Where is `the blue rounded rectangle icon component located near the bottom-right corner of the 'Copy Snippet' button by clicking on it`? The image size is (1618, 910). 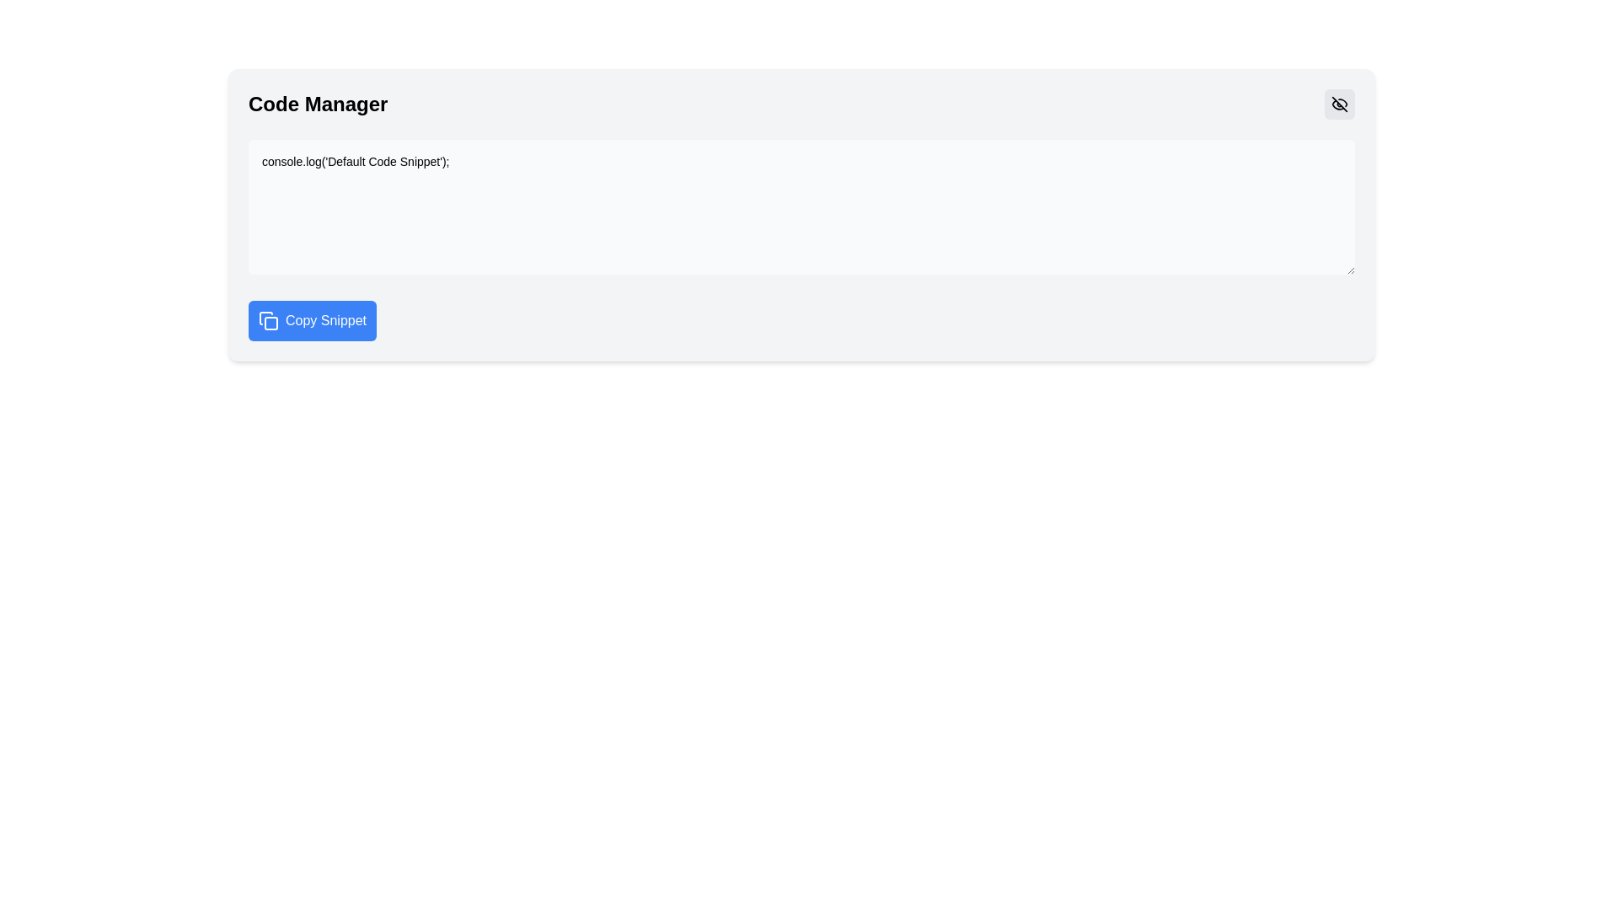
the blue rounded rectangle icon component located near the bottom-right corner of the 'Copy Snippet' button by clicking on it is located at coordinates (271, 324).